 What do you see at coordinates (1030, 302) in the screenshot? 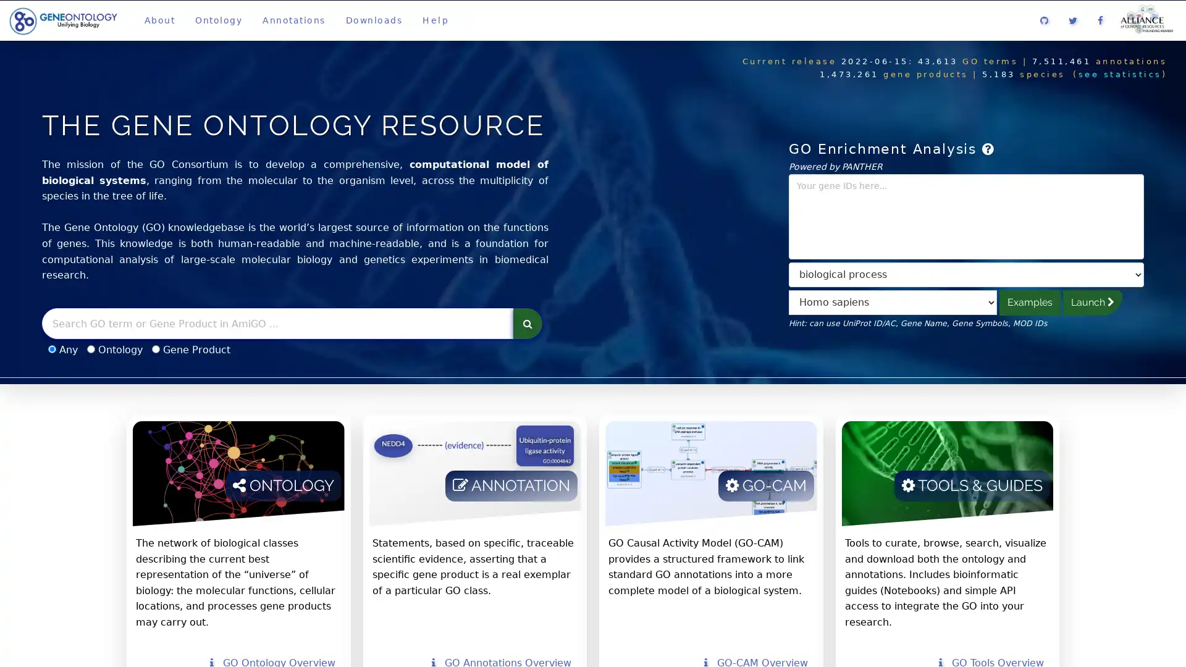
I see `Examples` at bounding box center [1030, 302].